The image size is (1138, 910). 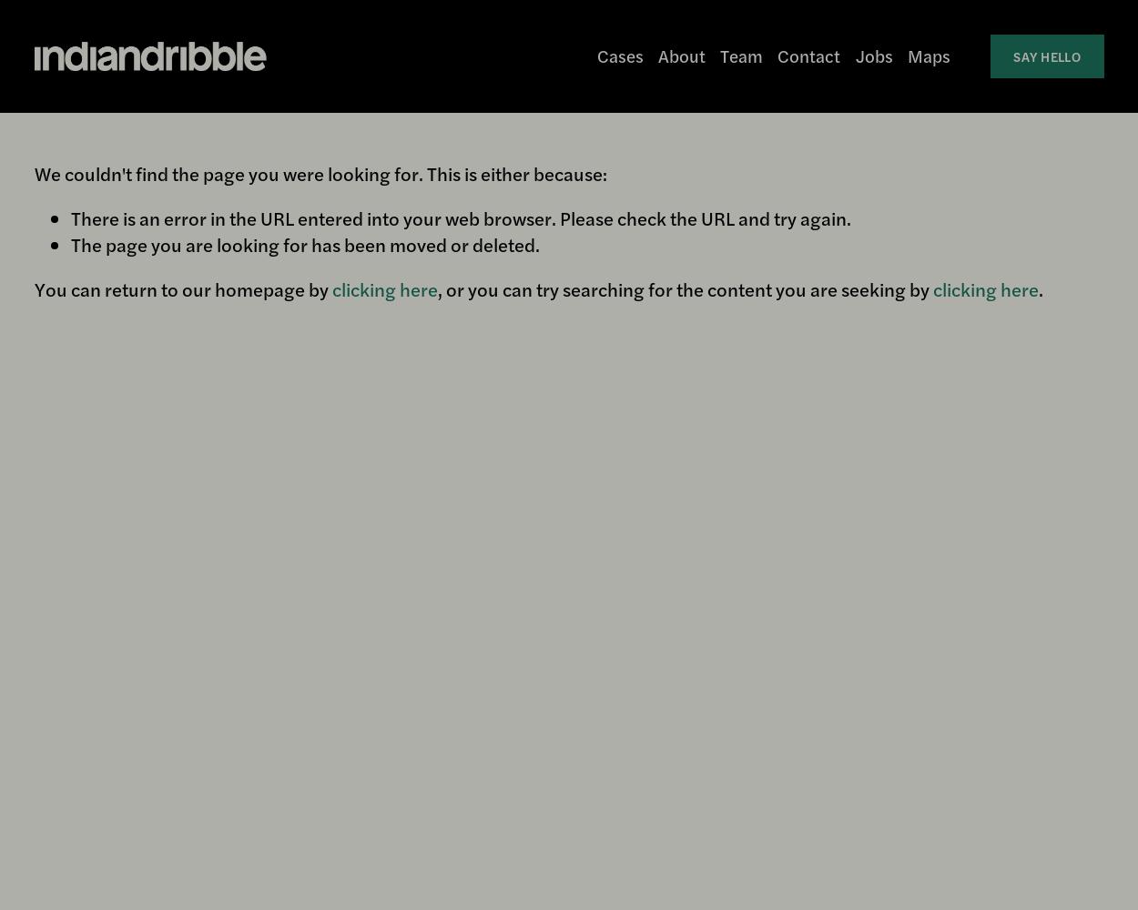 I want to click on 'You can return to our homepage by', so click(x=181, y=288).